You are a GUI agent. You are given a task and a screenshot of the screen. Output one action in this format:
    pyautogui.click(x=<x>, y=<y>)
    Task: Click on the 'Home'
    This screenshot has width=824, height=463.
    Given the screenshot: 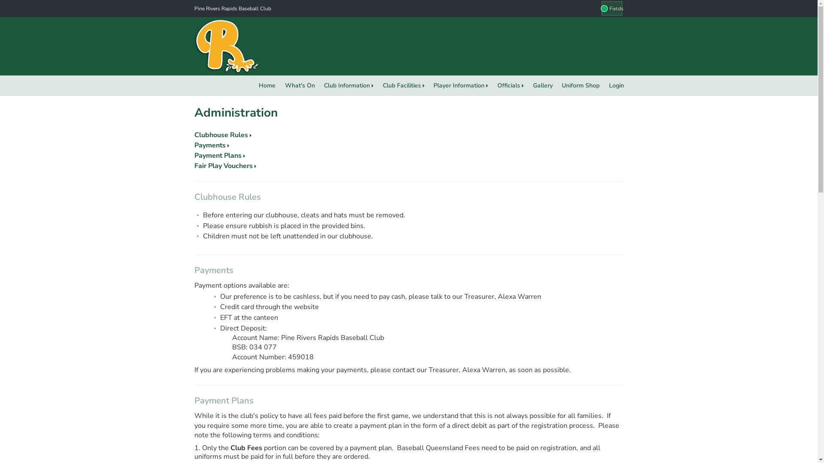 What is the action you would take?
    pyautogui.click(x=253, y=86)
    